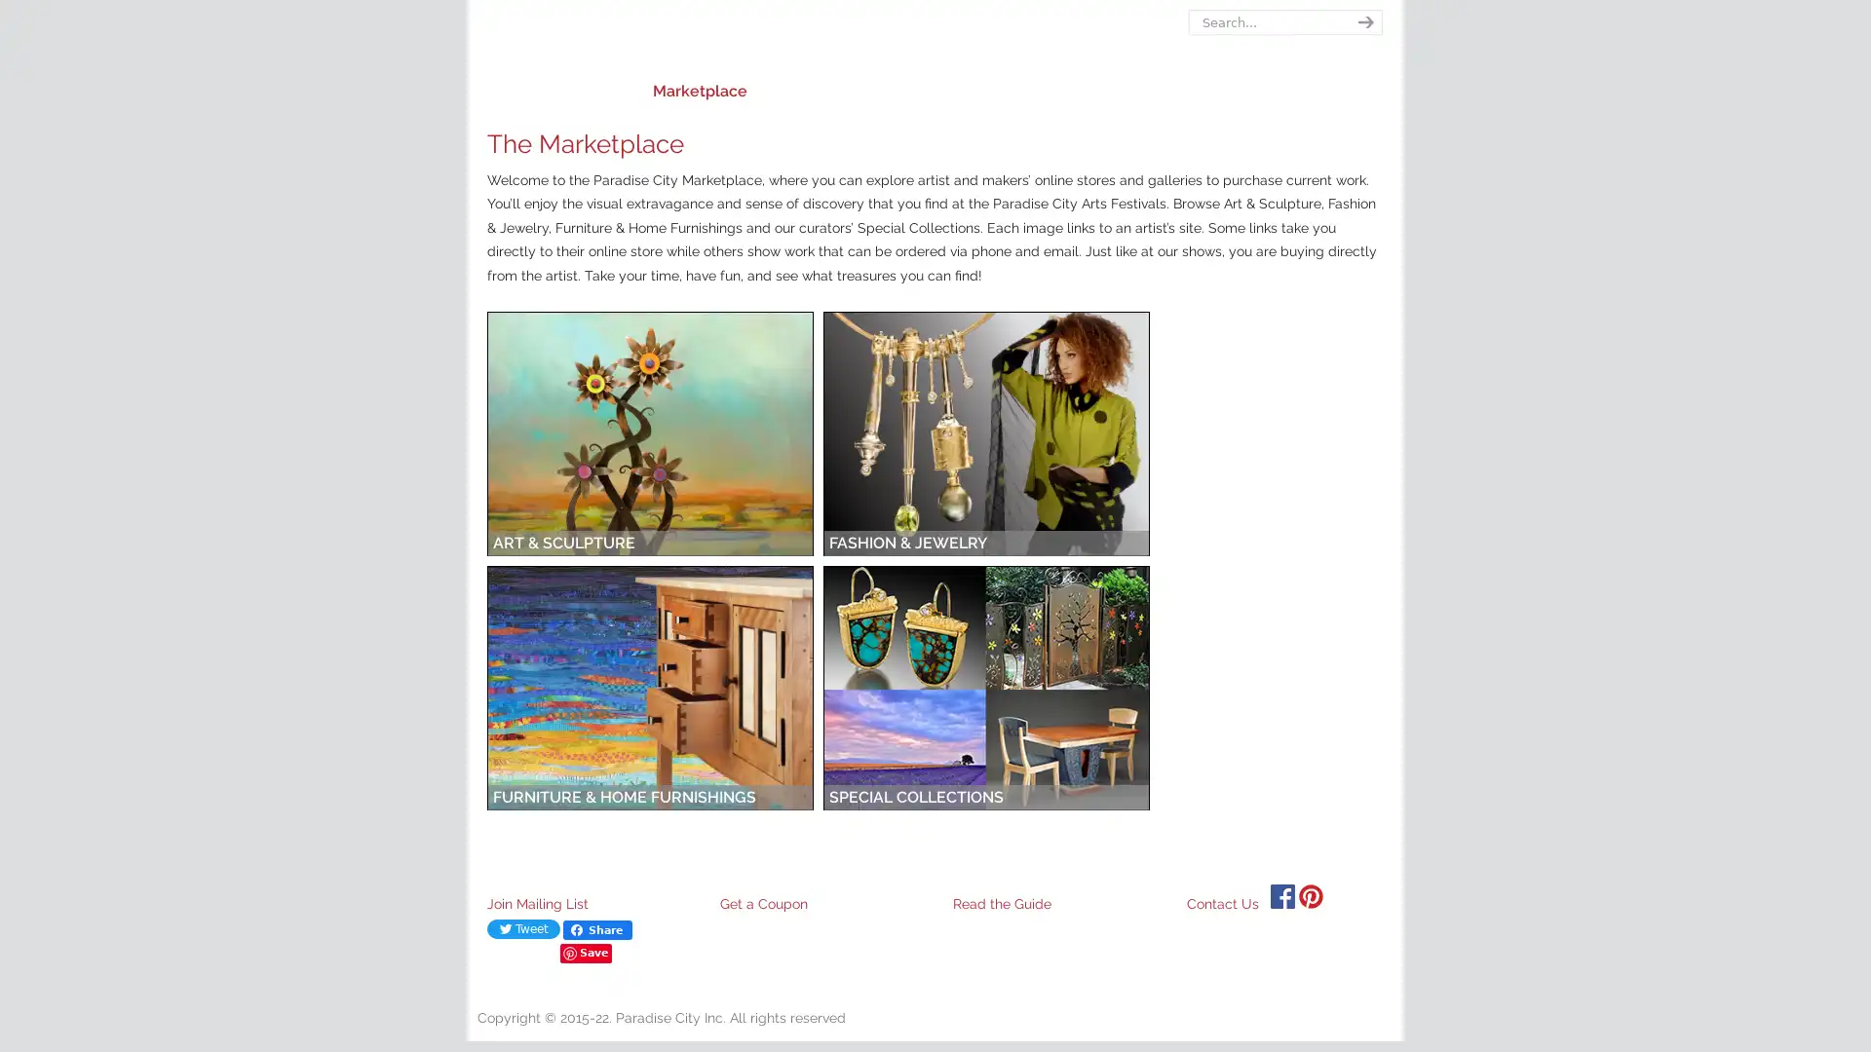 The image size is (1871, 1052). What do you see at coordinates (1361, 22) in the screenshot?
I see `search` at bounding box center [1361, 22].